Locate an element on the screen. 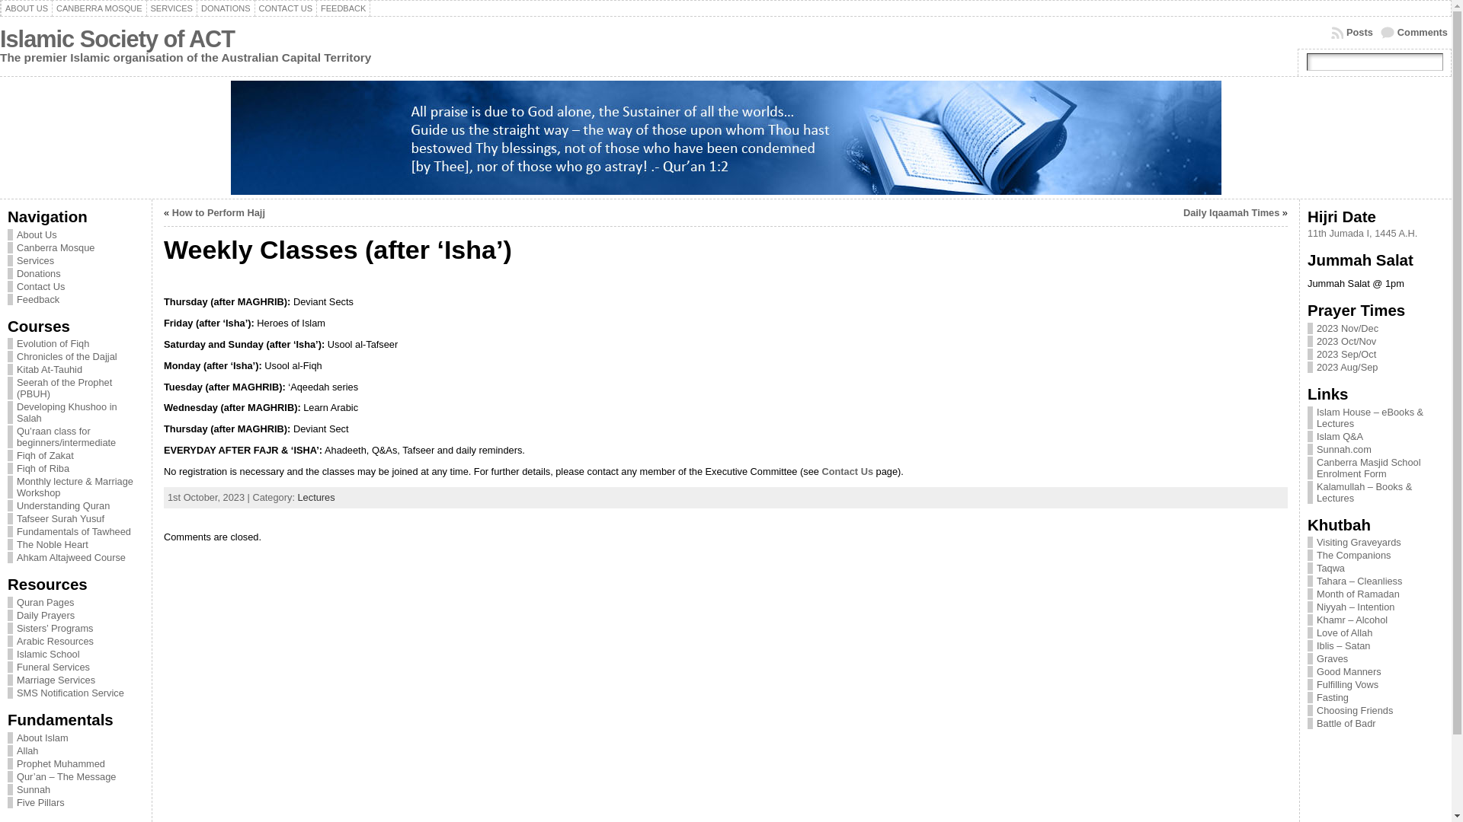  'Developing Khushoo in Salah' is located at coordinates (75, 413).